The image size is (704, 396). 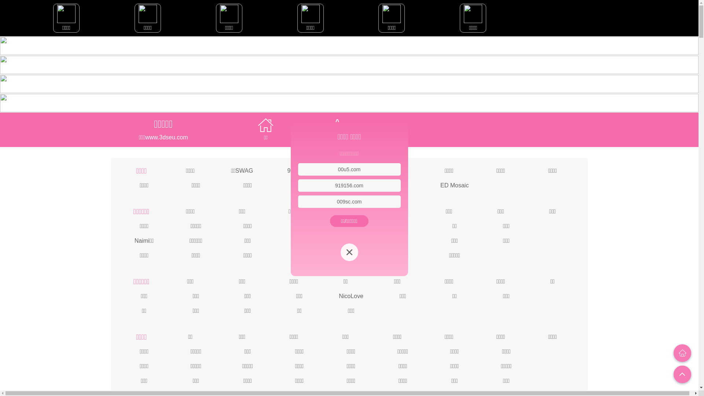 I want to click on '919156.com', so click(x=349, y=185).